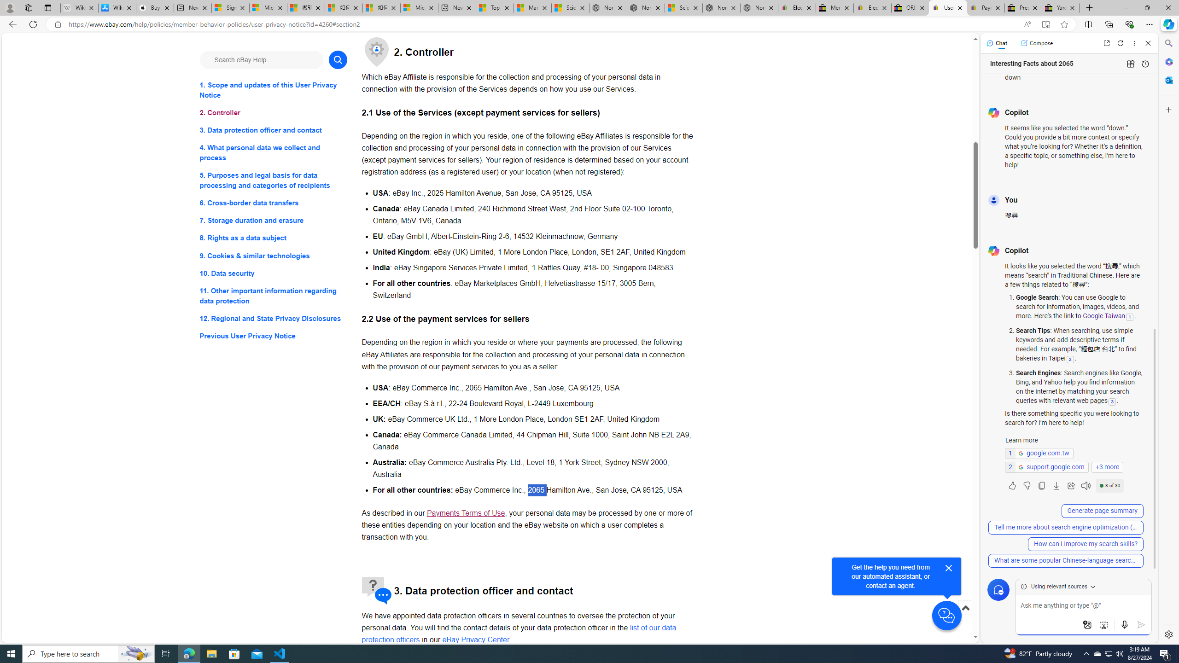  What do you see at coordinates (154, 7) in the screenshot?
I see `'Buy iPad - Apple'` at bounding box center [154, 7].